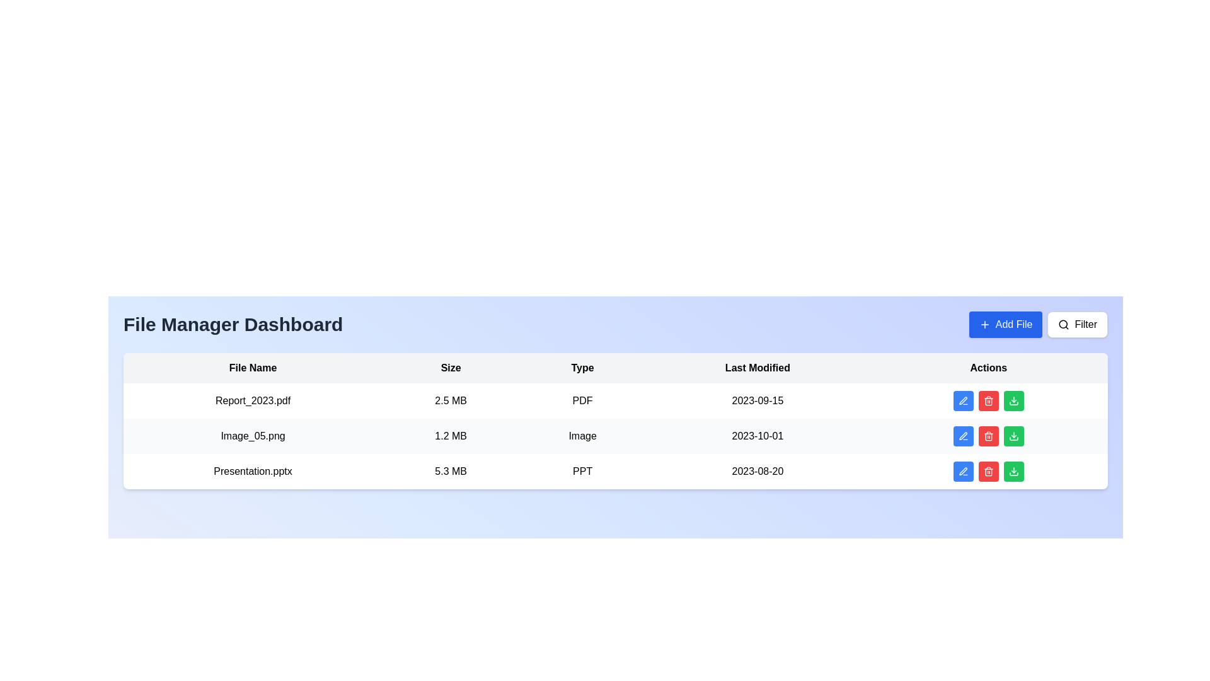  Describe the element at coordinates (451, 401) in the screenshot. I see `the static text element that displays the size of the file 'Report_2023.pdf', which is located in the second column under the 'Size' header in the file listing table` at that location.